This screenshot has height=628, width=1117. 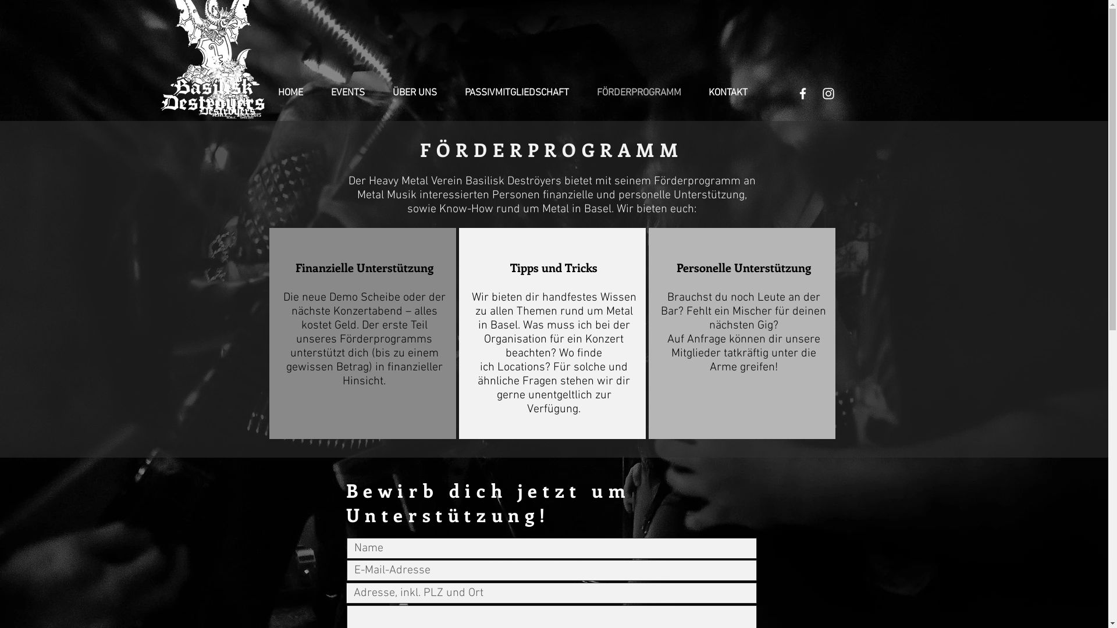 What do you see at coordinates (295, 92) in the screenshot?
I see `'HOME'` at bounding box center [295, 92].